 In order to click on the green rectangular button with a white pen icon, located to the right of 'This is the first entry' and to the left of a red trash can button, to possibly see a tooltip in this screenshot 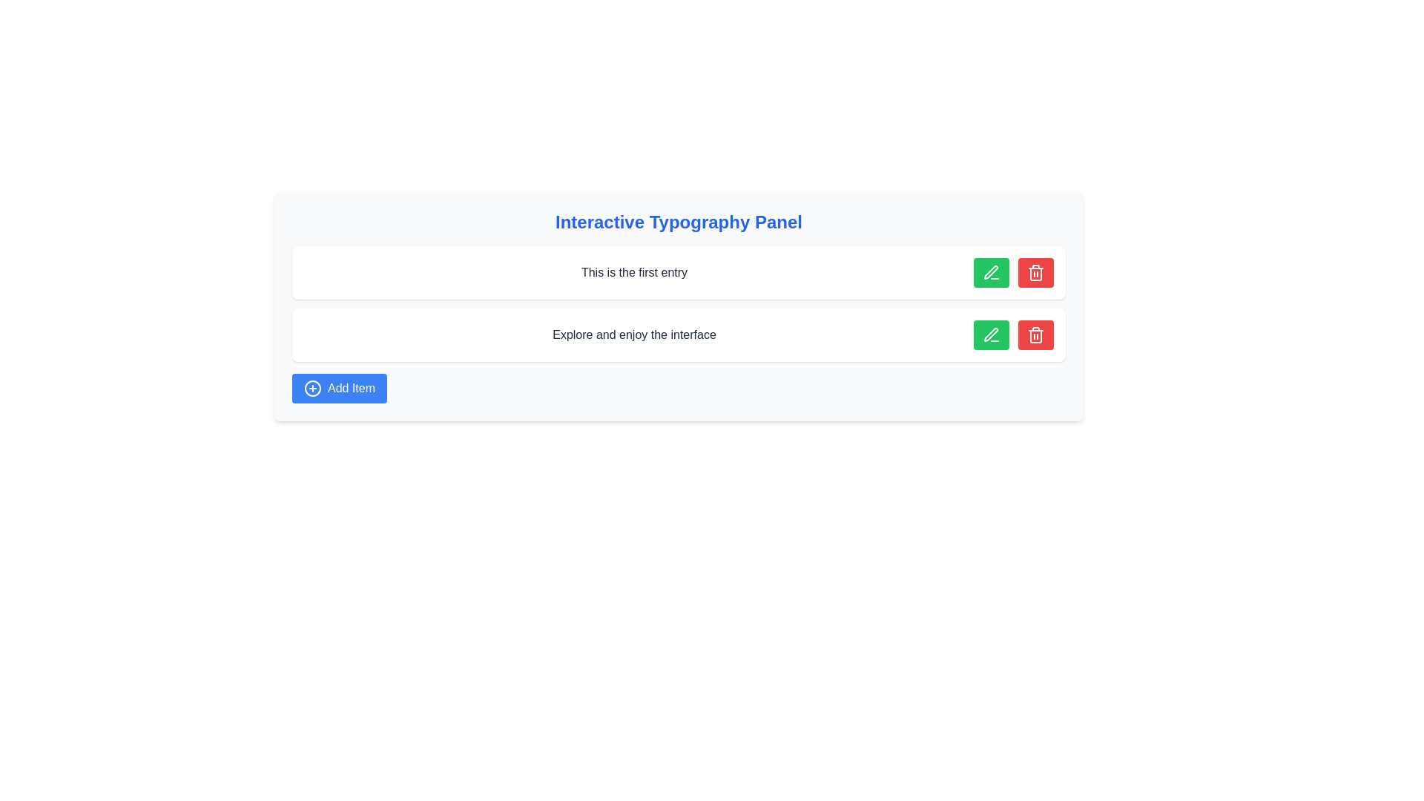, I will do `click(992, 272)`.